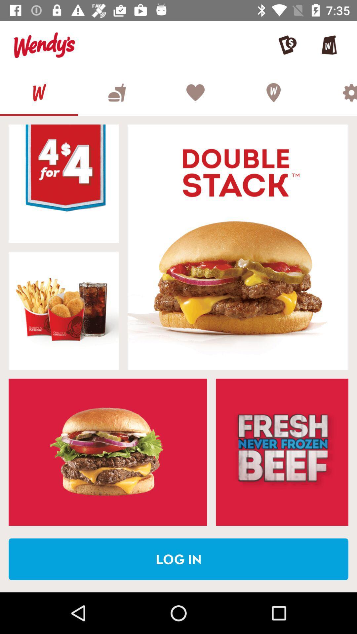 The height and width of the screenshot is (634, 357). I want to click on choose the selected advertisement, so click(63, 310).